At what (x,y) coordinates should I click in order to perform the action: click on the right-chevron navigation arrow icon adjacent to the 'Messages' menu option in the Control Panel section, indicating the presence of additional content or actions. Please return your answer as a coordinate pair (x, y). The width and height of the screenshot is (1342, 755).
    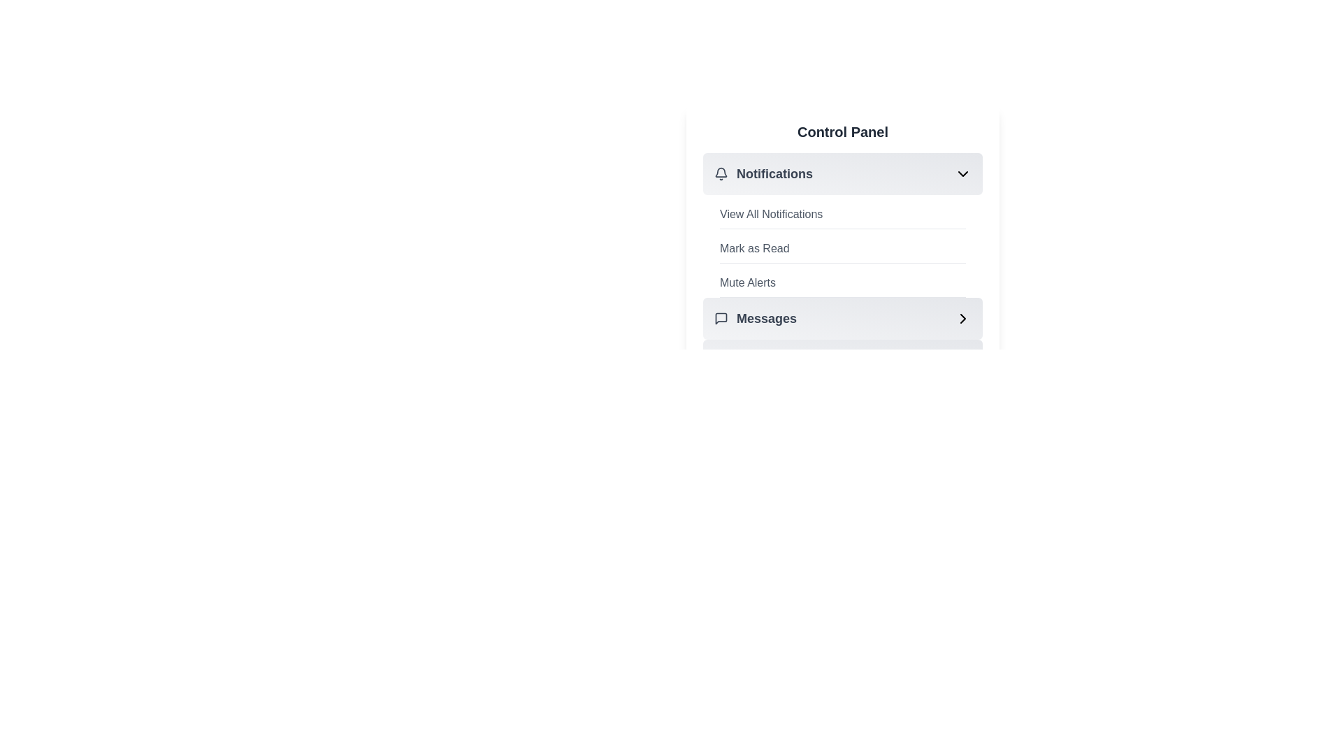
    Looking at the image, I should click on (962, 318).